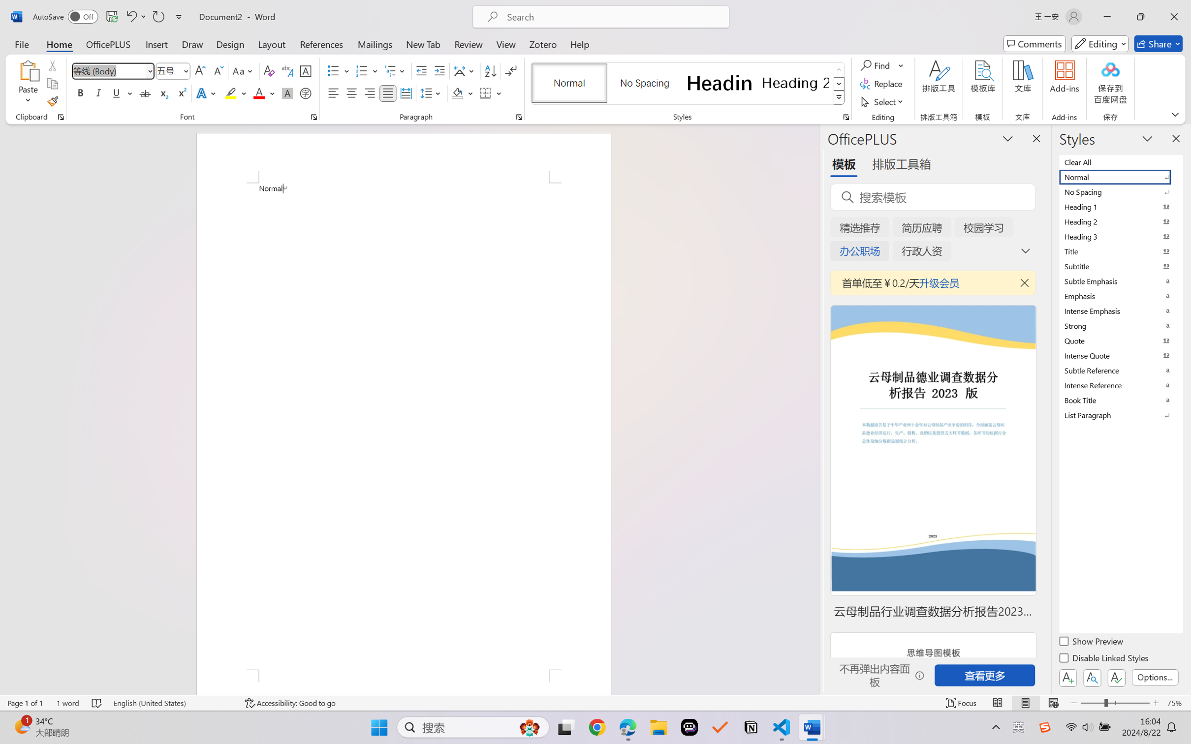  What do you see at coordinates (719, 83) in the screenshot?
I see `'Heading 1'` at bounding box center [719, 83].